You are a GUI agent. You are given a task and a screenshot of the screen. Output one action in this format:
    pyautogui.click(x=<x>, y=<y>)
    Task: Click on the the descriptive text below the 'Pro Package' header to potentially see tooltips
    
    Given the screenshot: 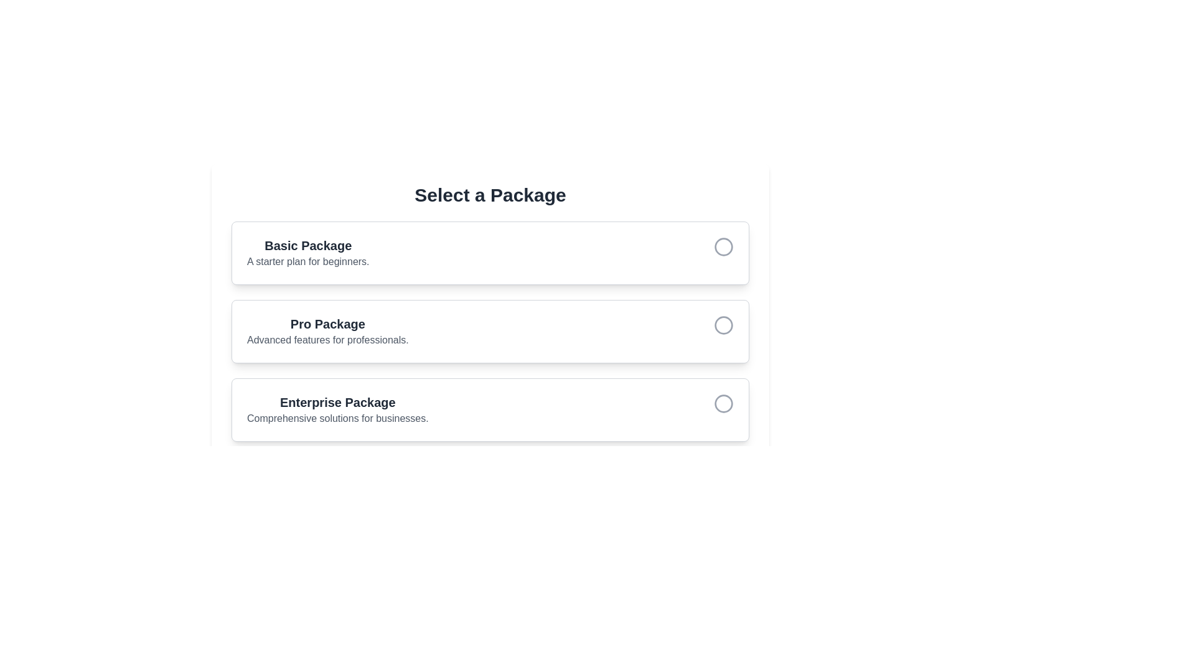 What is the action you would take?
    pyautogui.click(x=327, y=340)
    